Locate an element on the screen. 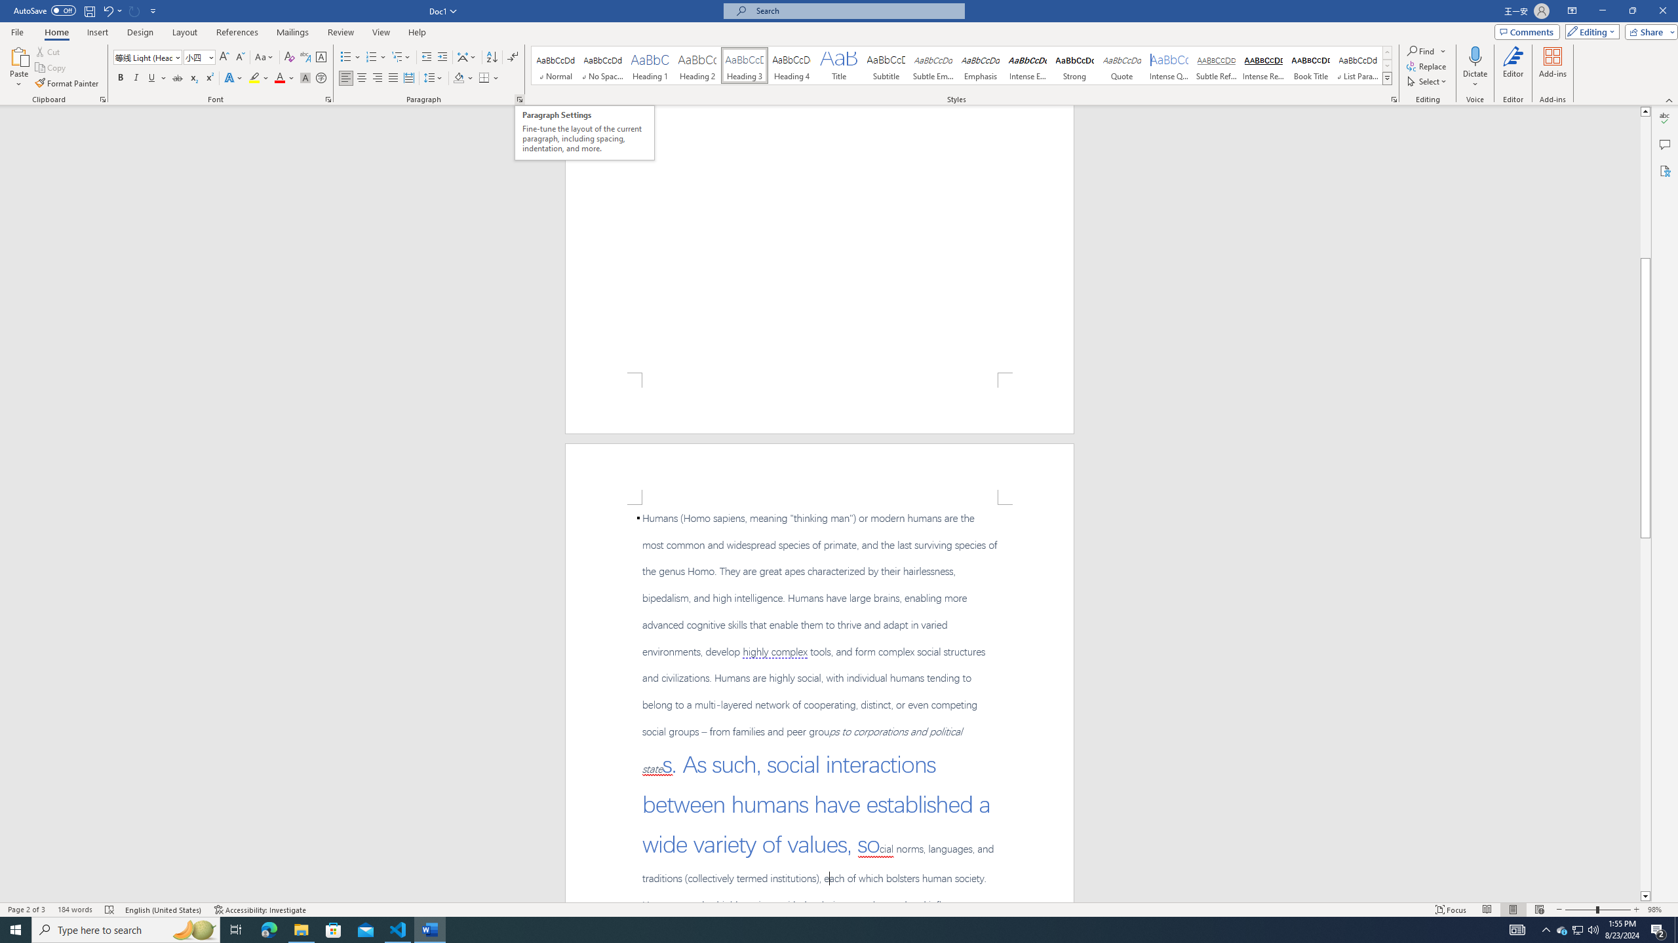 The width and height of the screenshot is (1678, 943). 'Emphasis' is located at coordinates (980, 65).